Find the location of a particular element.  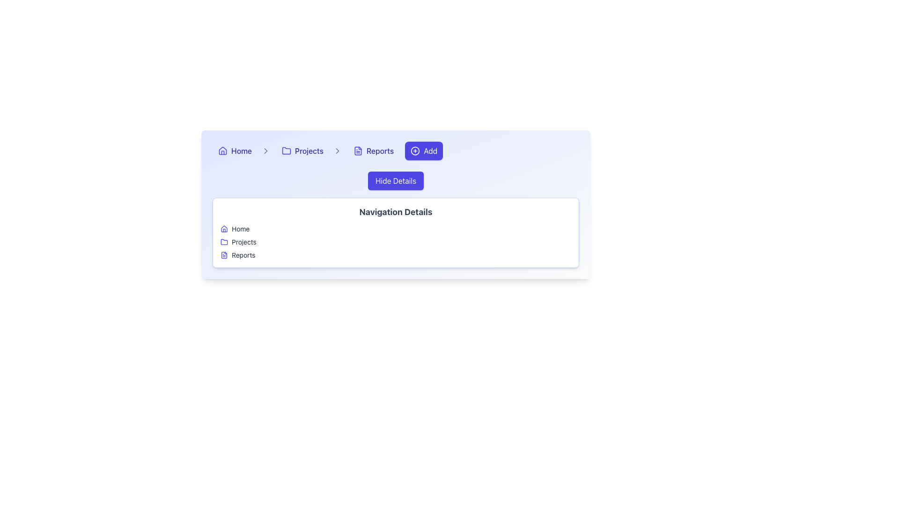

the 'Projects' text label is located at coordinates (244, 241).